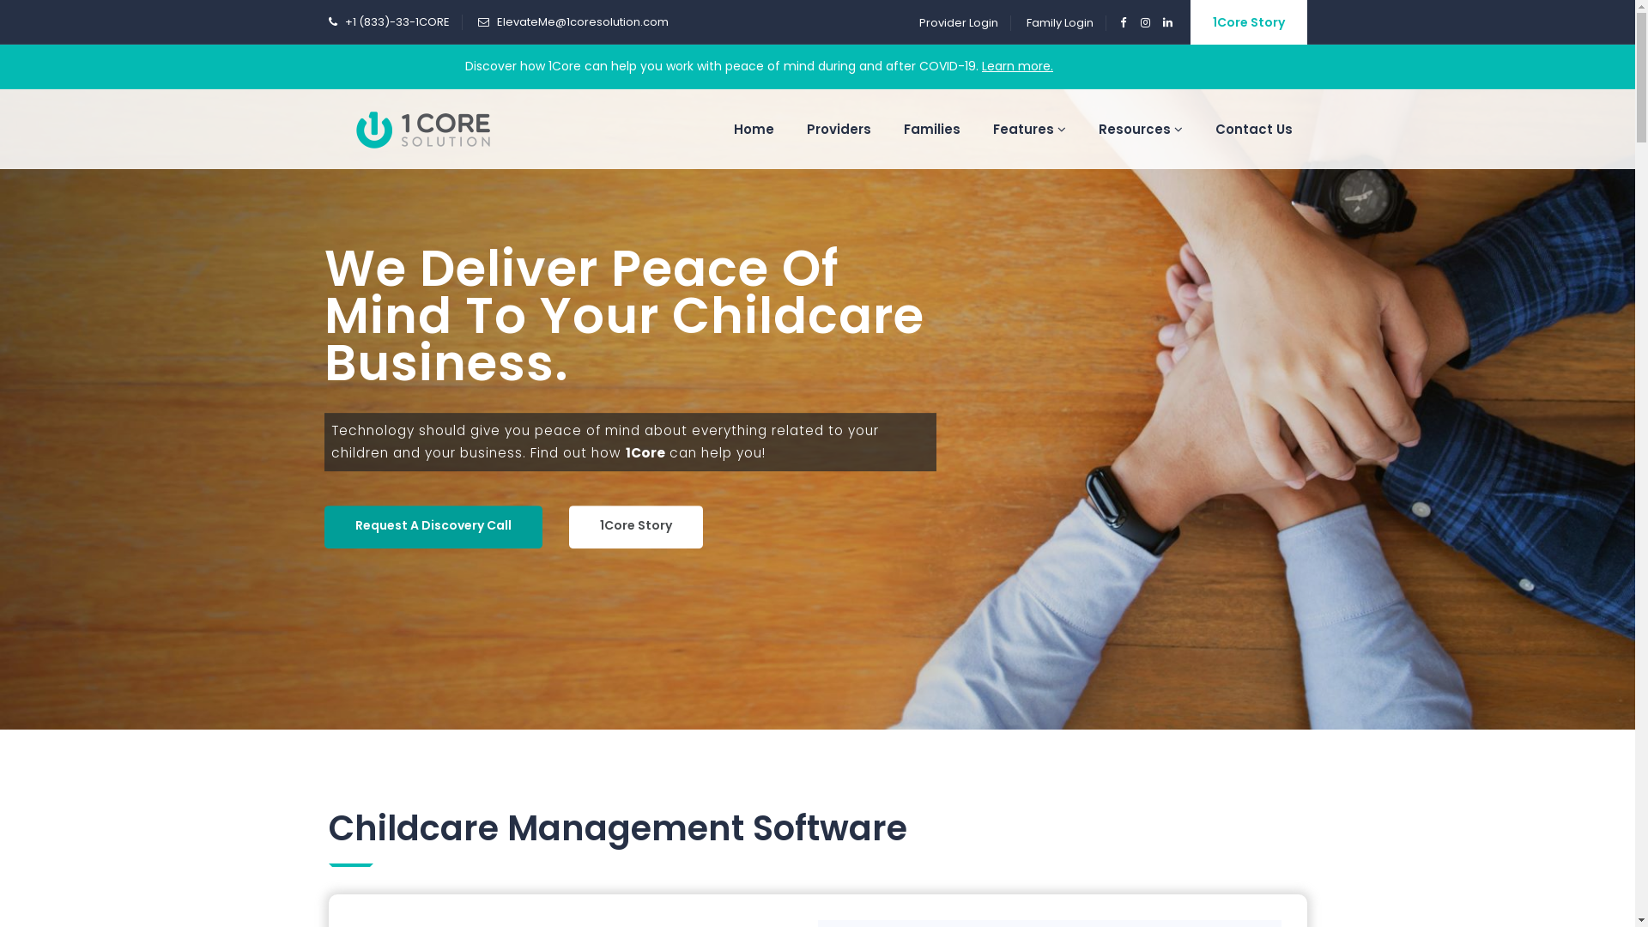  I want to click on '1Core Story', so click(1248, 22).